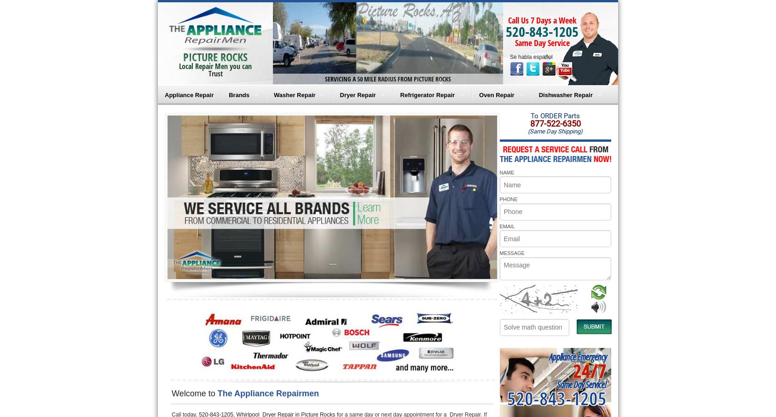 The image size is (776, 417). What do you see at coordinates (556, 383) in the screenshot?
I see `'Same Day Service!'` at bounding box center [556, 383].